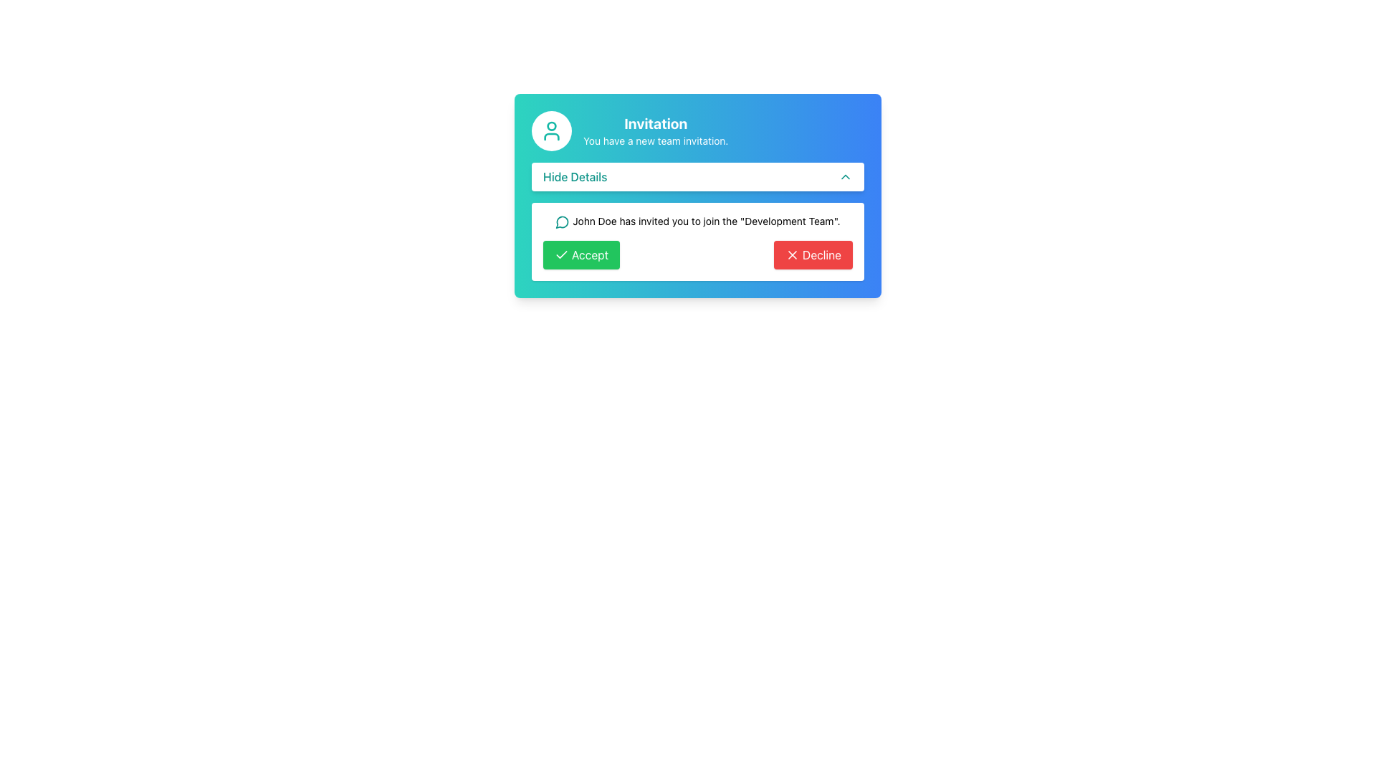 The height and width of the screenshot is (774, 1376). What do you see at coordinates (560, 254) in the screenshot?
I see `the decorative icon within the green 'Accept' button, which enhances the recognizability of the acceptance action` at bounding box center [560, 254].